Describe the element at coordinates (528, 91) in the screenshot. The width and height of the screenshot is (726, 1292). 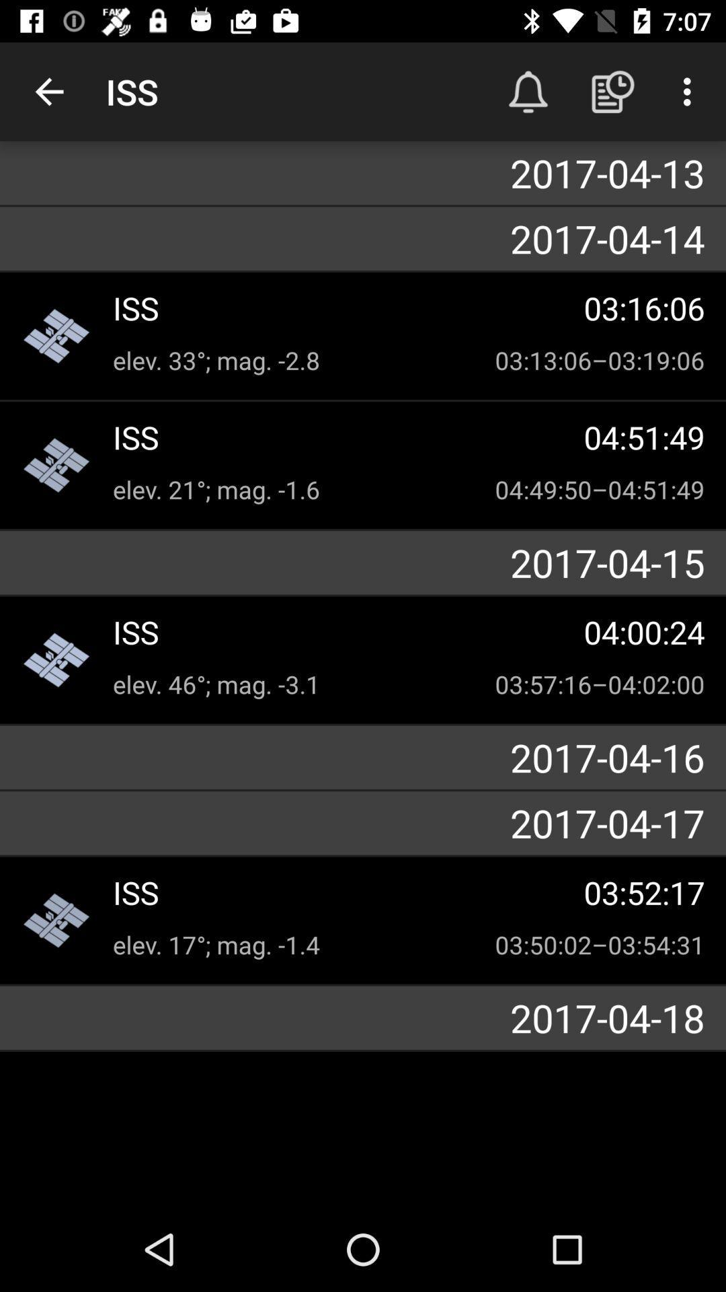
I see `the icon next to iss item` at that location.